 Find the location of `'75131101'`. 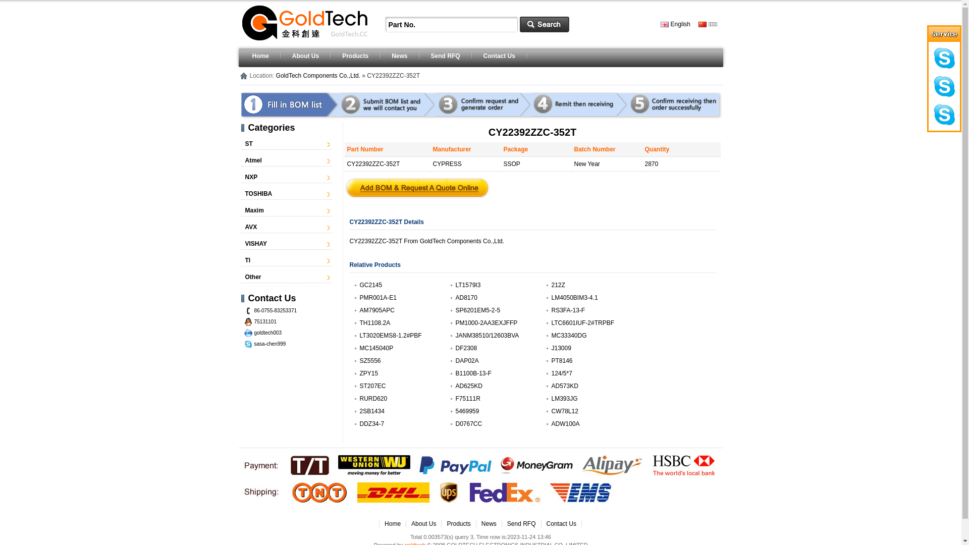

'75131101' is located at coordinates (265, 321).